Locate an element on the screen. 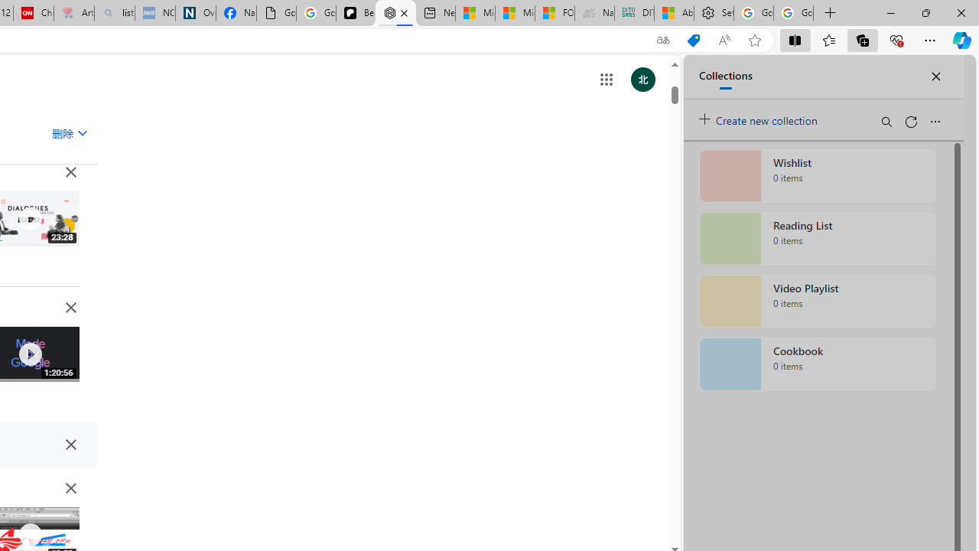 The width and height of the screenshot is (979, 551). 'This site has coupons! Shopping in Microsoft Edge' is located at coordinates (692, 40).